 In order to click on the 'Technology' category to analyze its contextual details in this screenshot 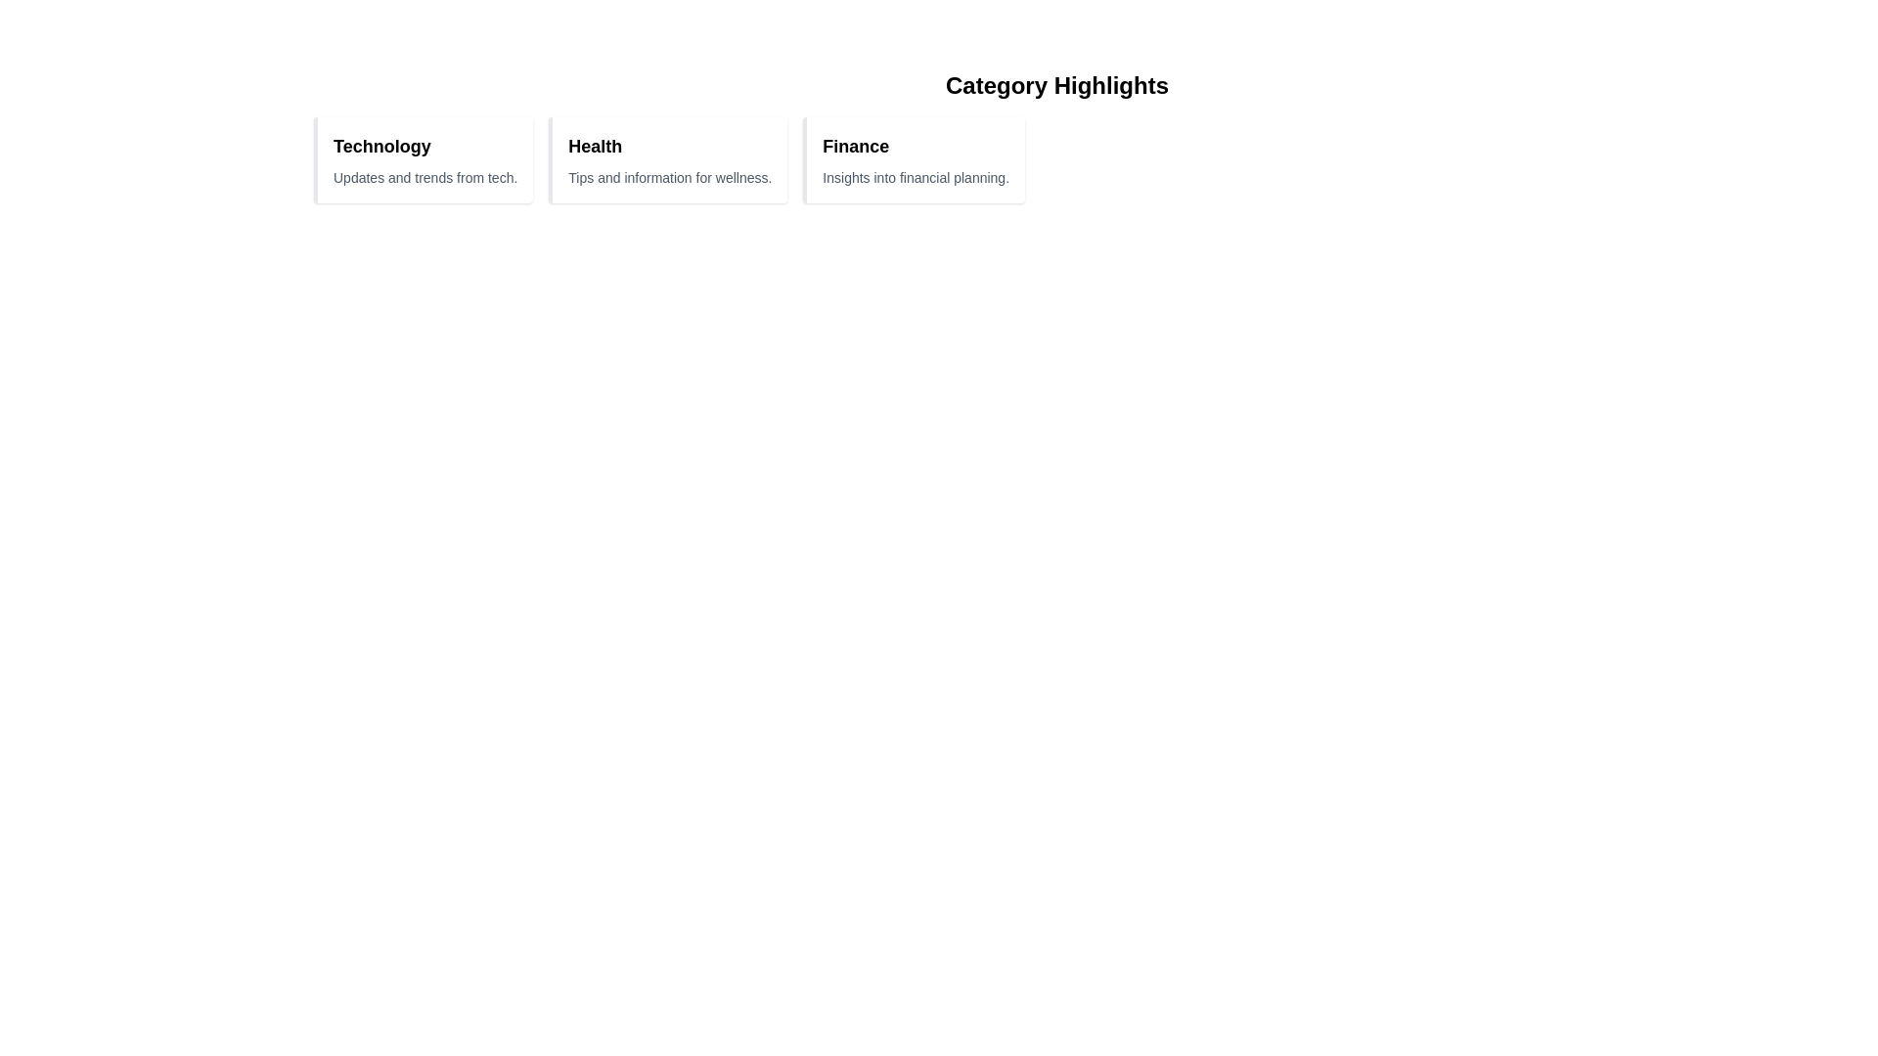, I will do `click(380, 146)`.